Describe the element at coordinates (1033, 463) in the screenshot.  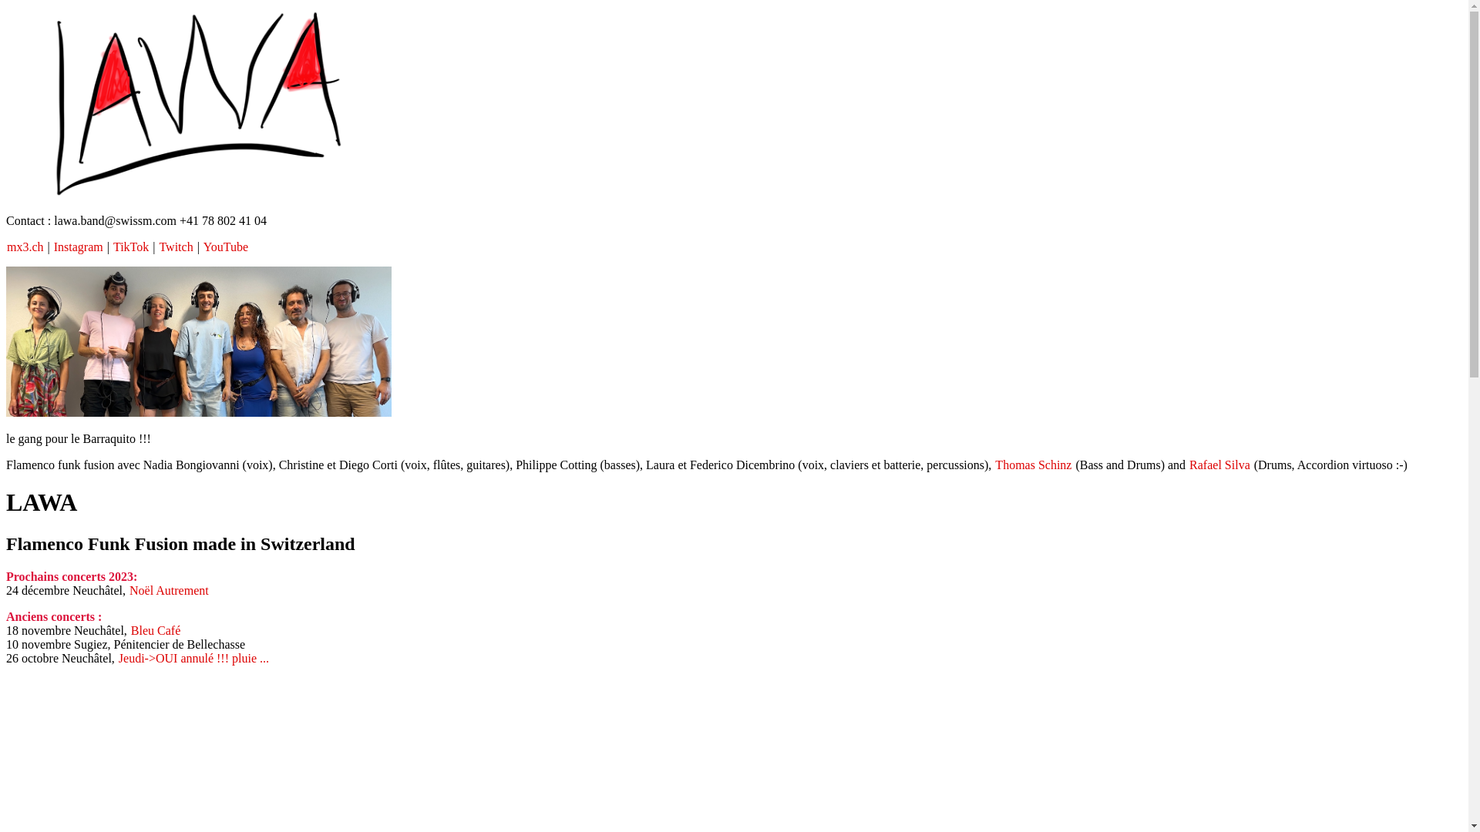
I see `'Thomas Schinz'` at that location.